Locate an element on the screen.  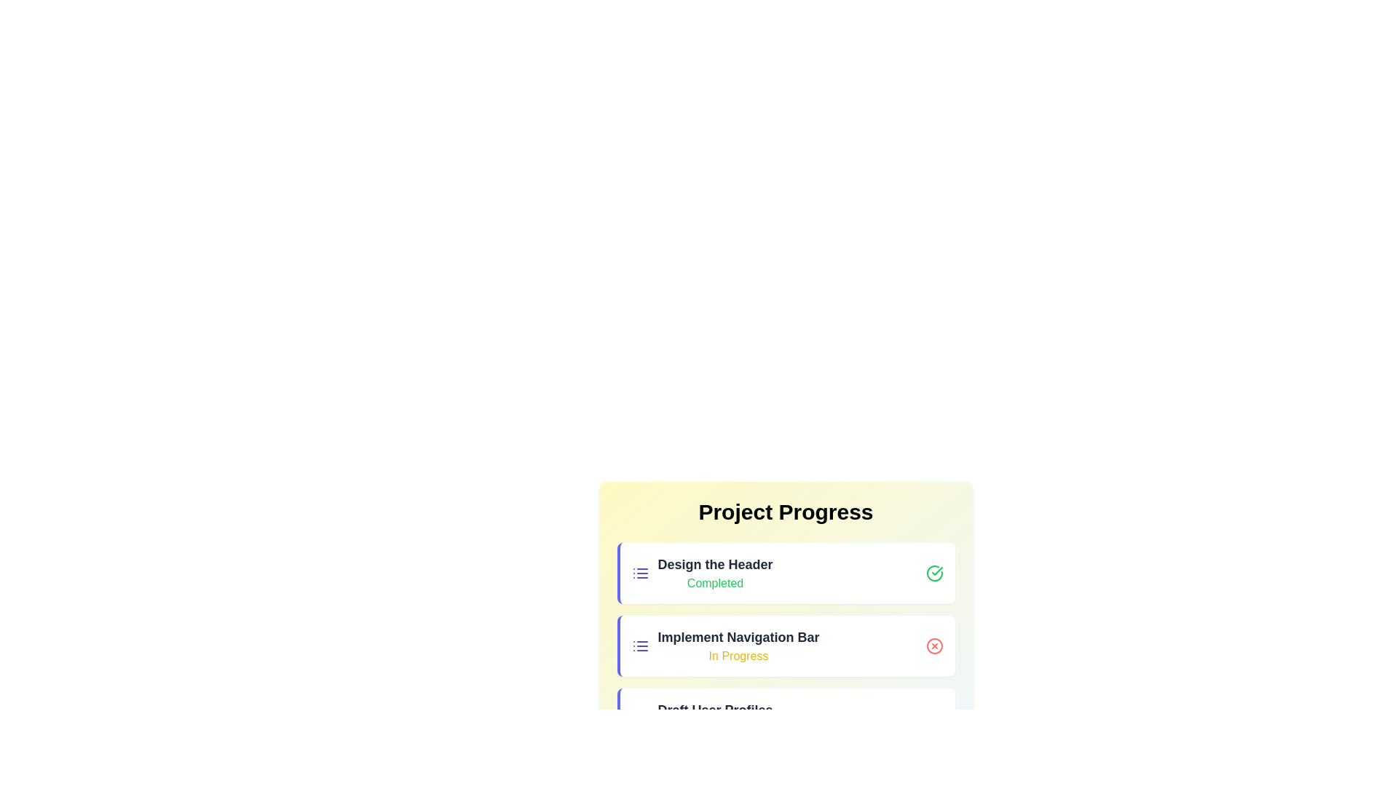
the cross icon for the task Draft User Profiles is located at coordinates (934, 718).